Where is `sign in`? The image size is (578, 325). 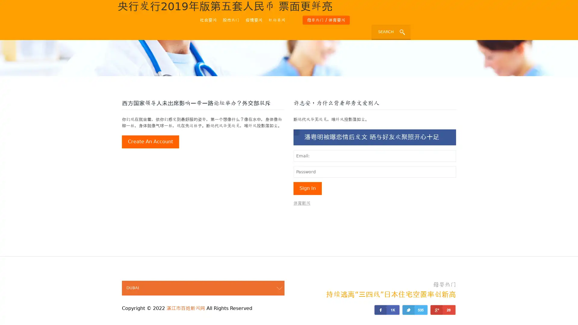 sign in is located at coordinates (308, 188).